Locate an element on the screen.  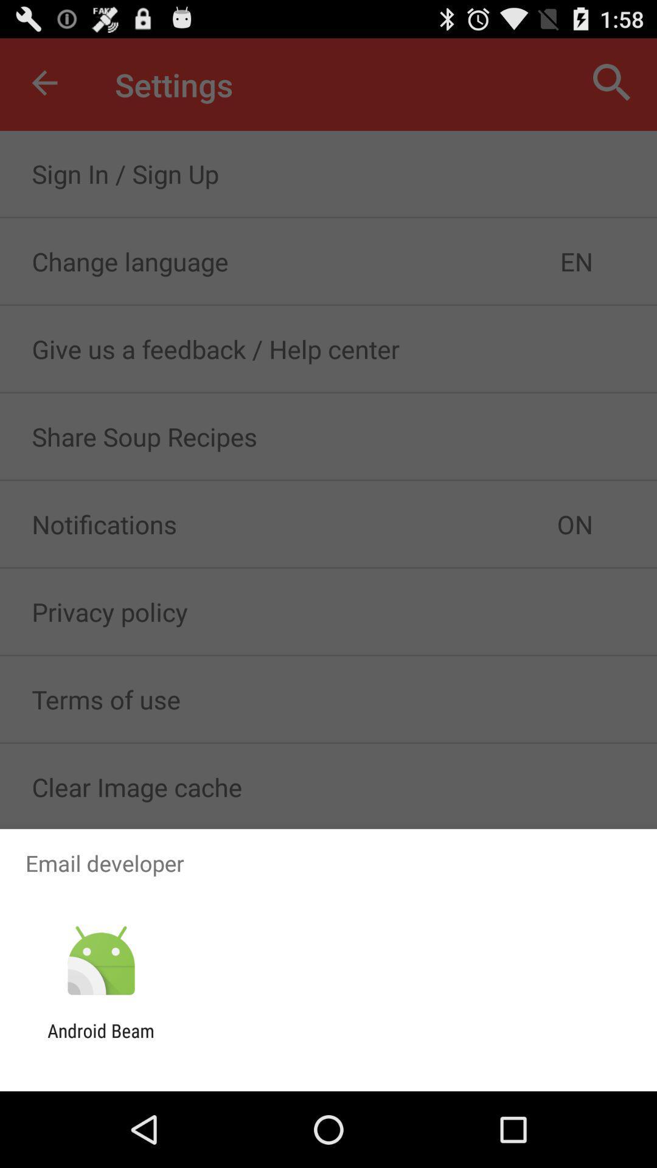
android beam is located at coordinates (100, 1041).